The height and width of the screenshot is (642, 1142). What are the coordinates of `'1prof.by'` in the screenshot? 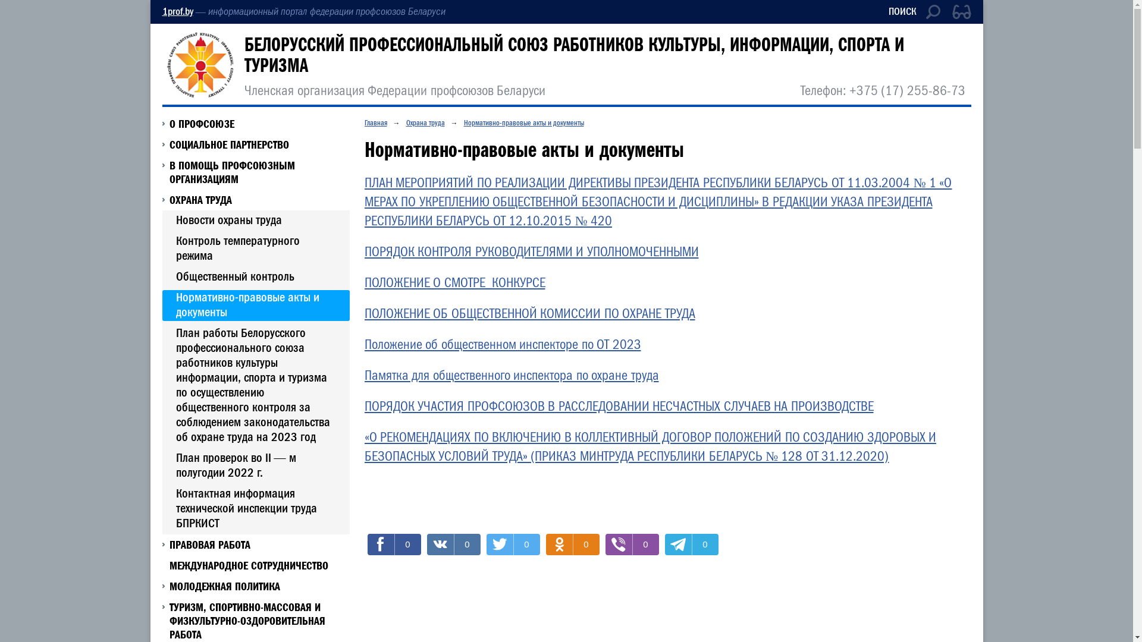 It's located at (176, 11).